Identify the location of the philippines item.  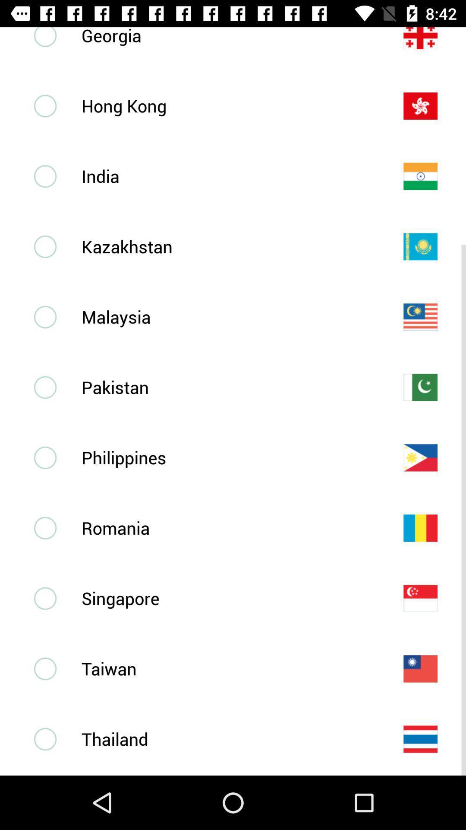
(228, 457).